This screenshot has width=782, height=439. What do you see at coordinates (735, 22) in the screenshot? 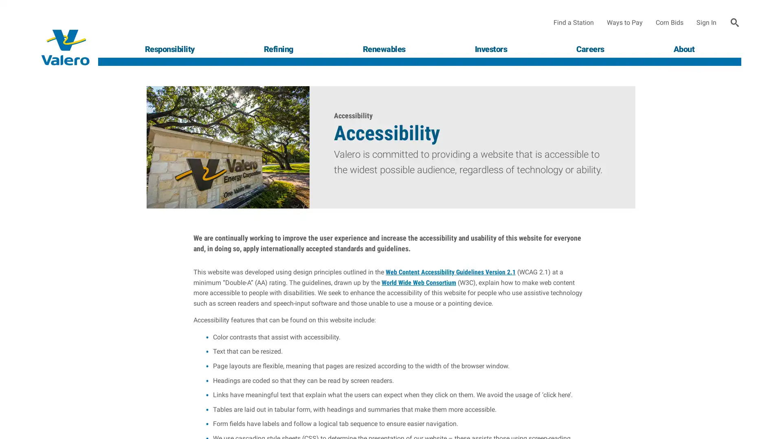
I see `Apply` at bounding box center [735, 22].